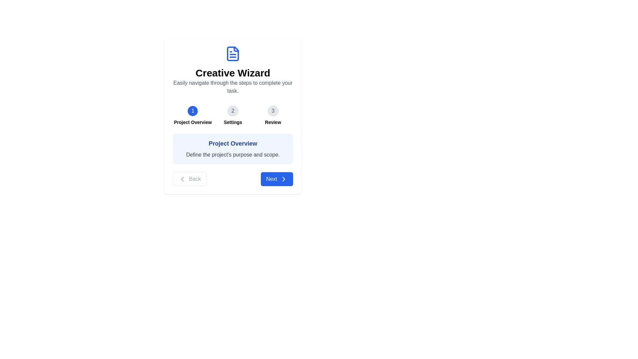  I want to click on text of the first step indicator labeled 'Project Overview' which is a circular icon displaying the number '1' in white on a blue background, located in the step navigation bar below the header, so click(192, 115).